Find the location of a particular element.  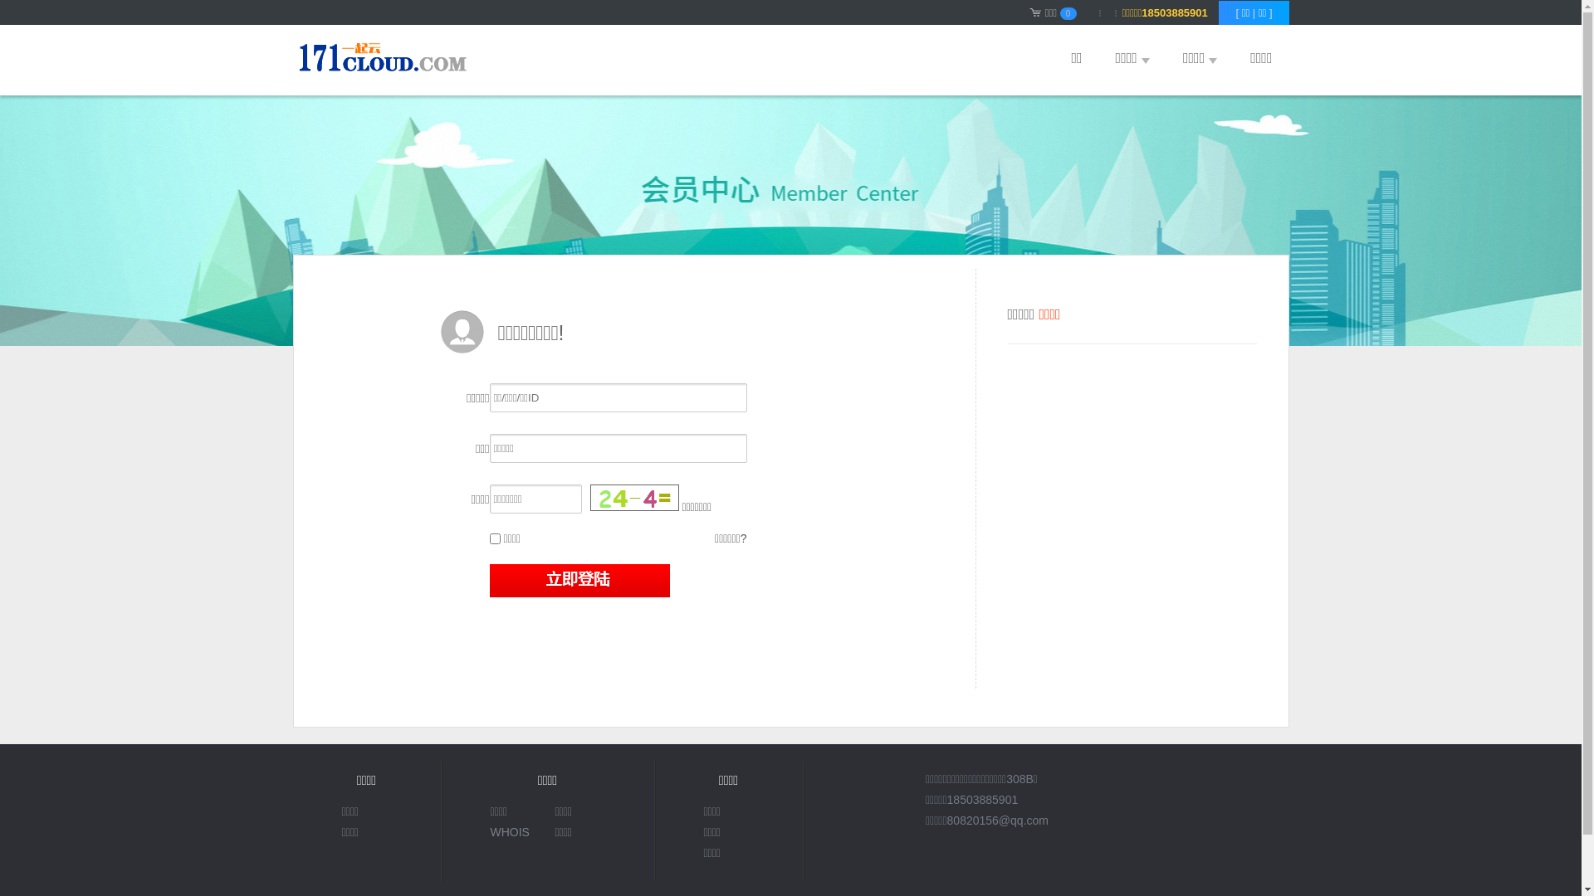

'0' is located at coordinates (1068, 13).